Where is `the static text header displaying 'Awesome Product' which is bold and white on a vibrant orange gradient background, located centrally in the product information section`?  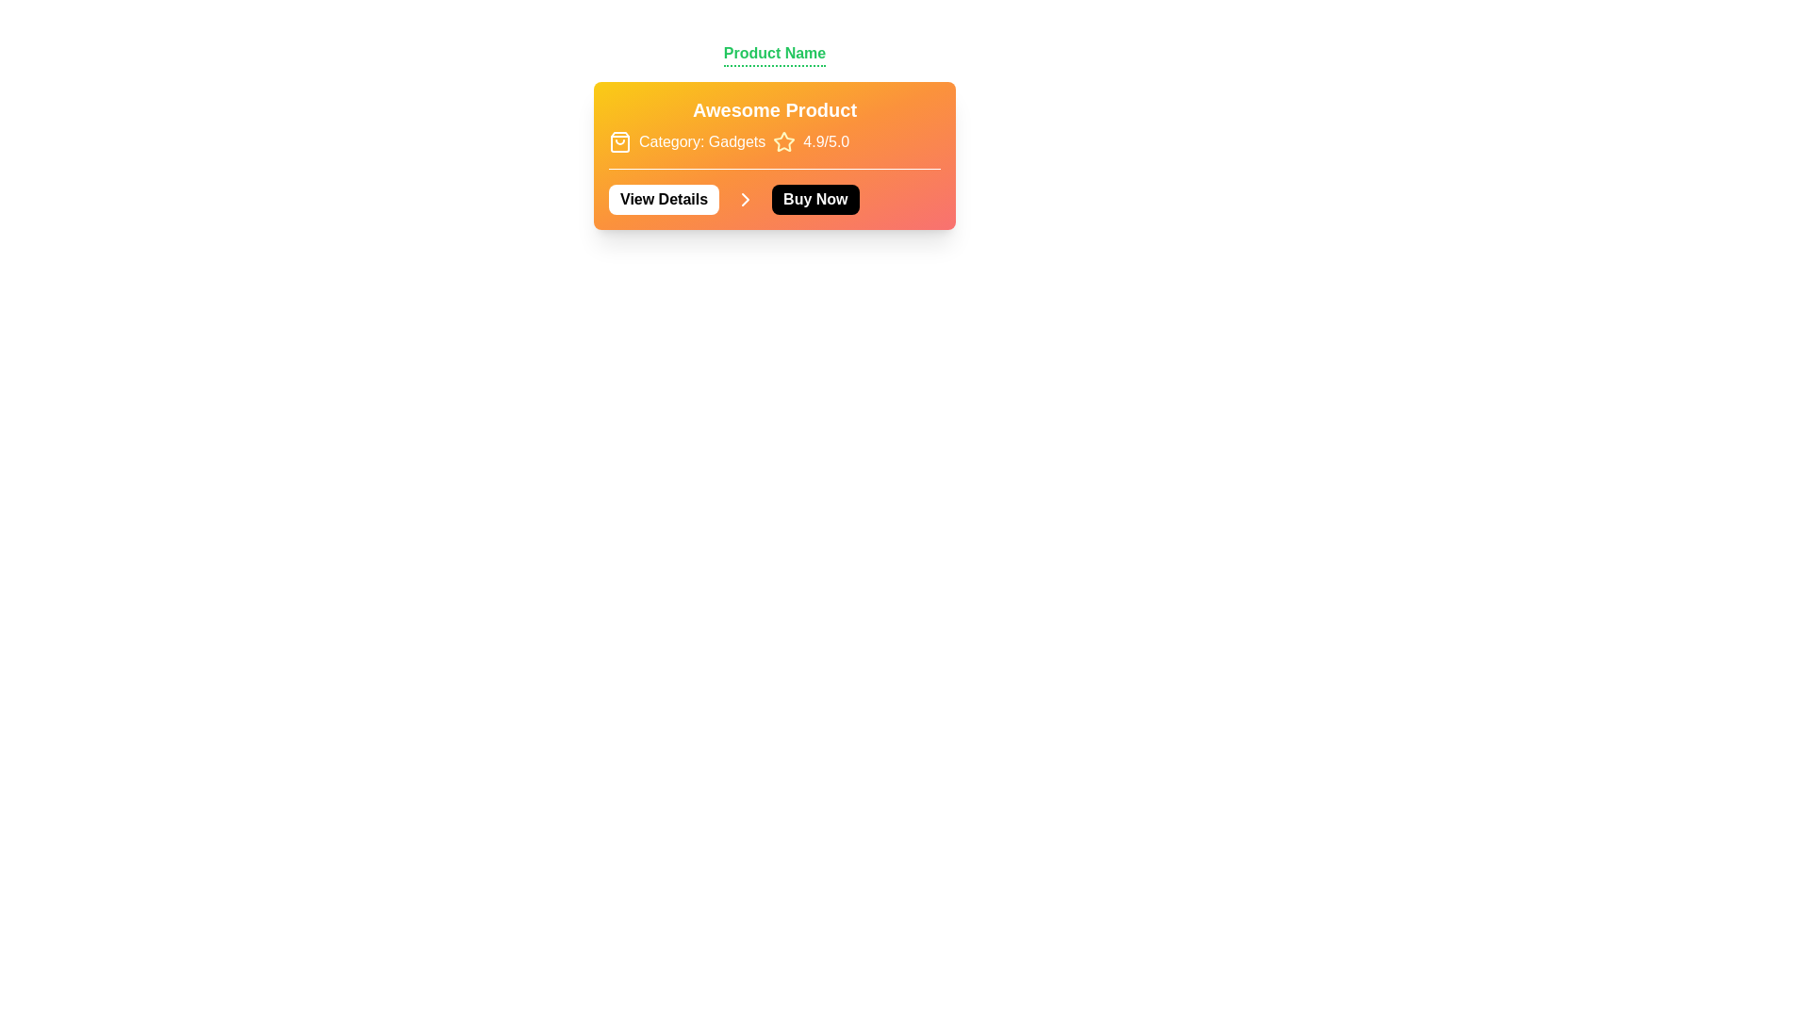
the static text header displaying 'Awesome Product' which is bold and white on a vibrant orange gradient background, located centrally in the product information section is located at coordinates (774, 109).